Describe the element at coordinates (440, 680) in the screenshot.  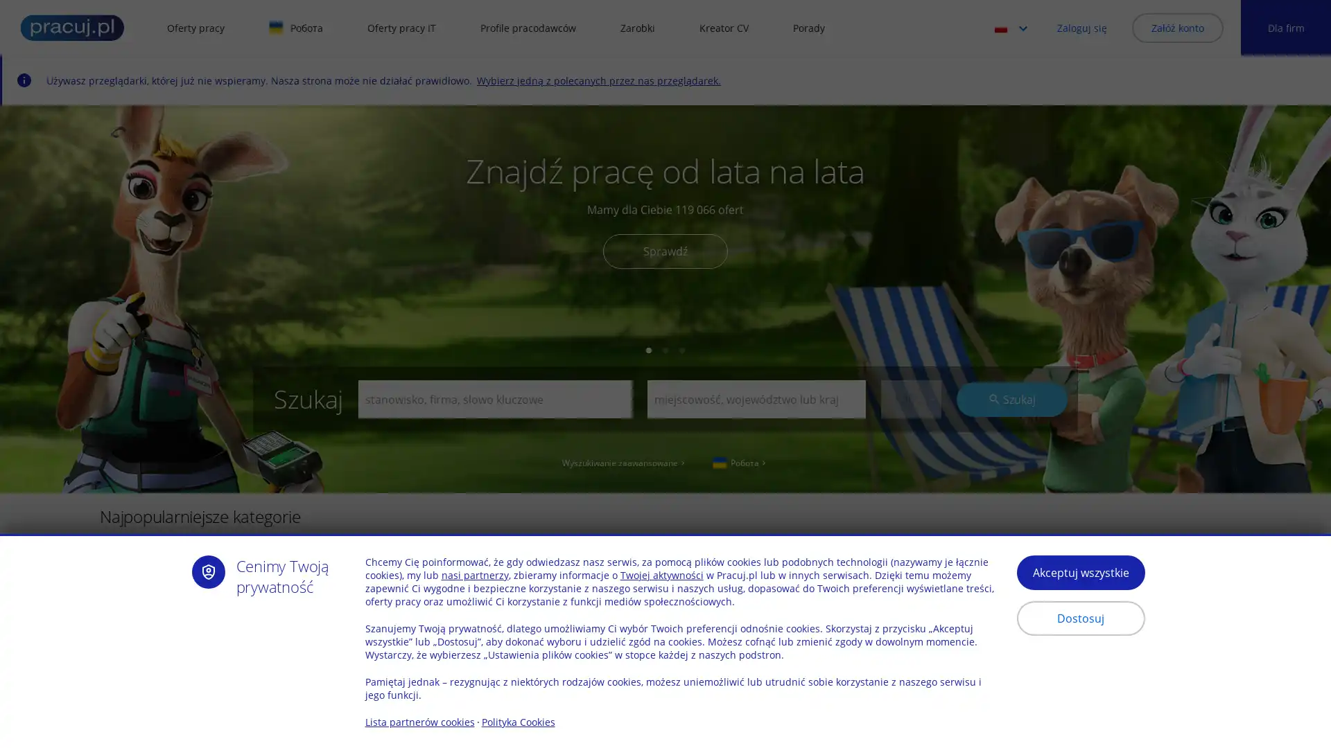
I see `WYSANE APLIKACJE` at that location.